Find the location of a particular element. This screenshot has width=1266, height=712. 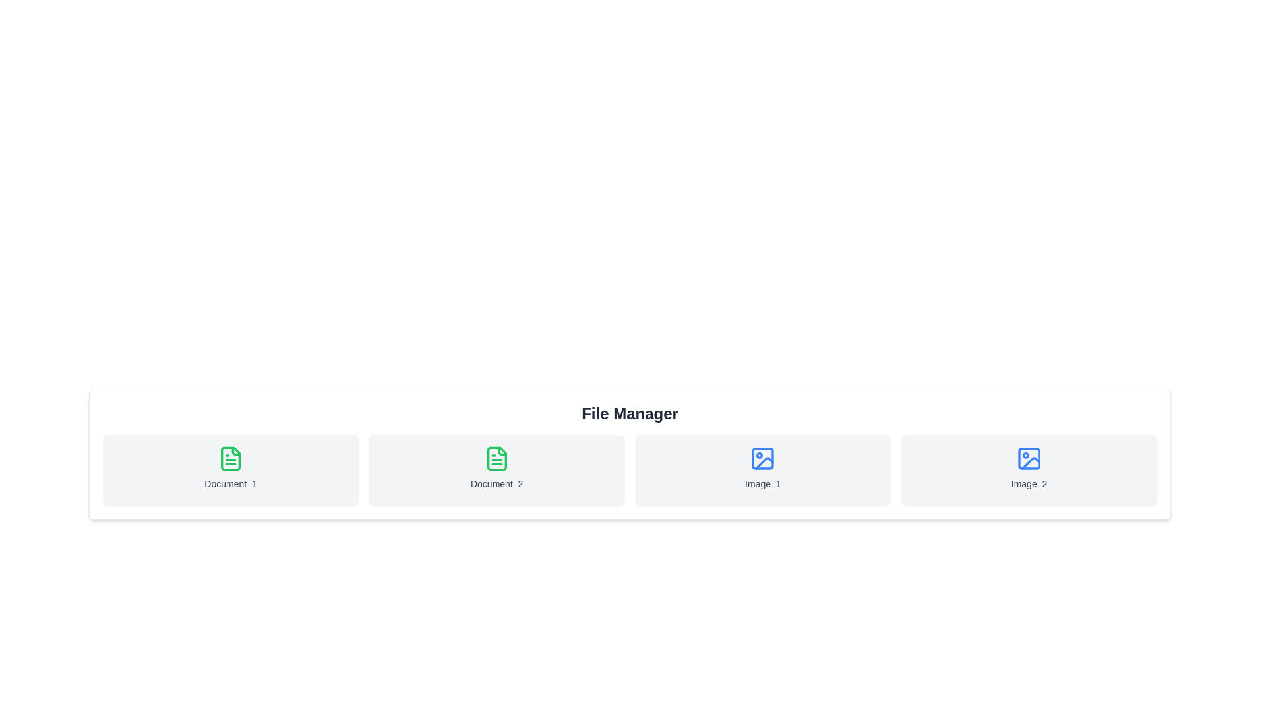

label displaying 'Image_2' which is a small gray text located below the image icon in the fourth card of the horizontally aligned set of cards is located at coordinates (1028, 483).